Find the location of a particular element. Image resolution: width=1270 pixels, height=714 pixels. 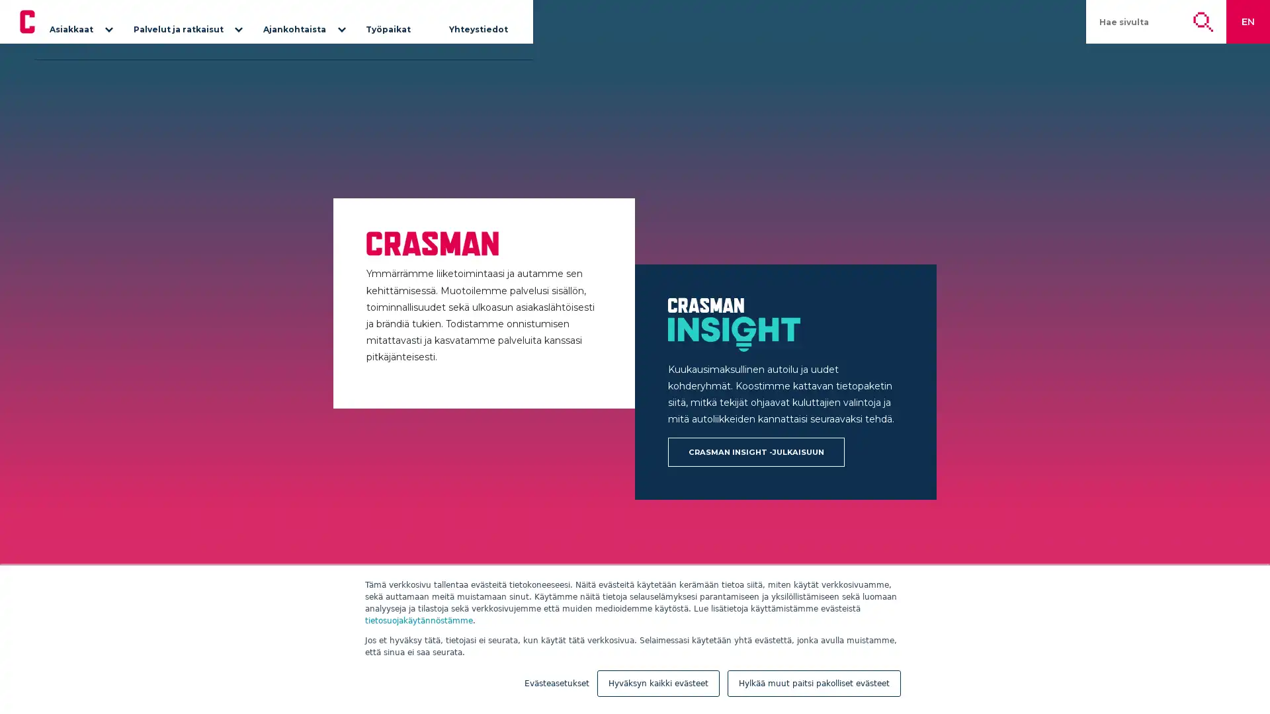

Hylkaa muut paitsi pakolliset evasteet is located at coordinates (813, 683).